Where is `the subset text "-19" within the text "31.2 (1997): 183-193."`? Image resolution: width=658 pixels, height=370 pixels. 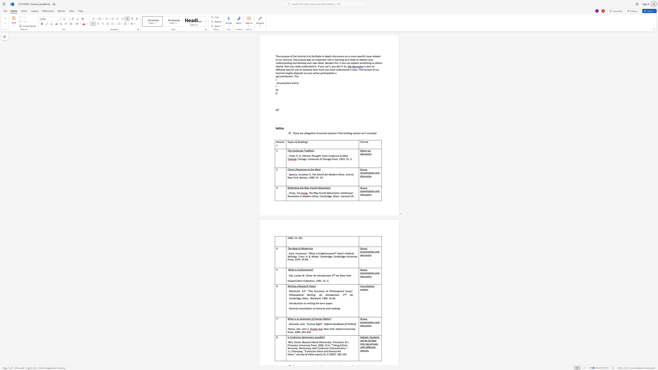
the subset text "-19" within the text "31.2 (1997): 183-193." is located at coordinates (341, 354).